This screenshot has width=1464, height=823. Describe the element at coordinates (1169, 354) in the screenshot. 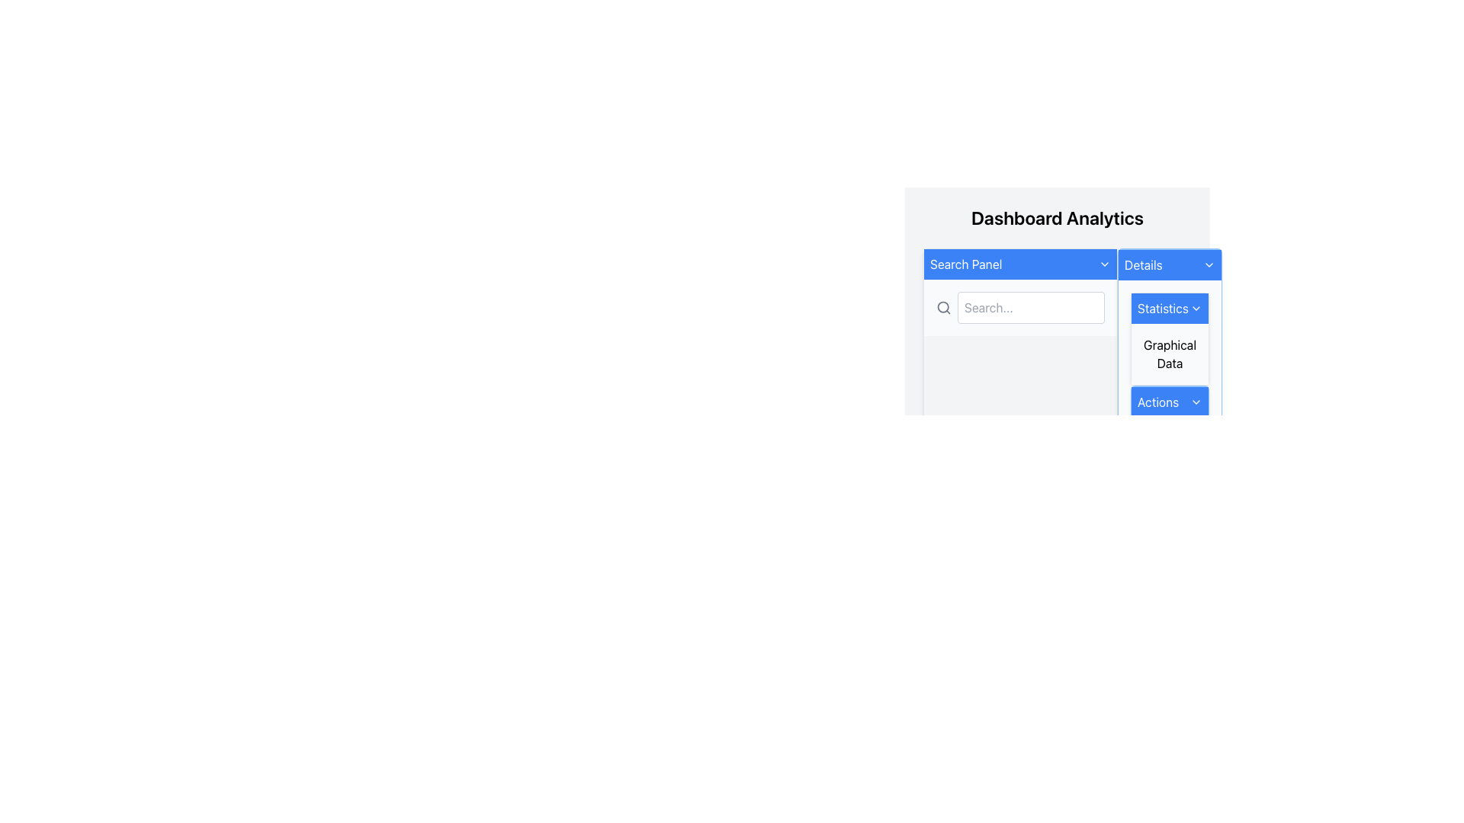

I see `text content of the descriptive label located in the gray box within the 'Details' section on the right side of the interface` at that location.